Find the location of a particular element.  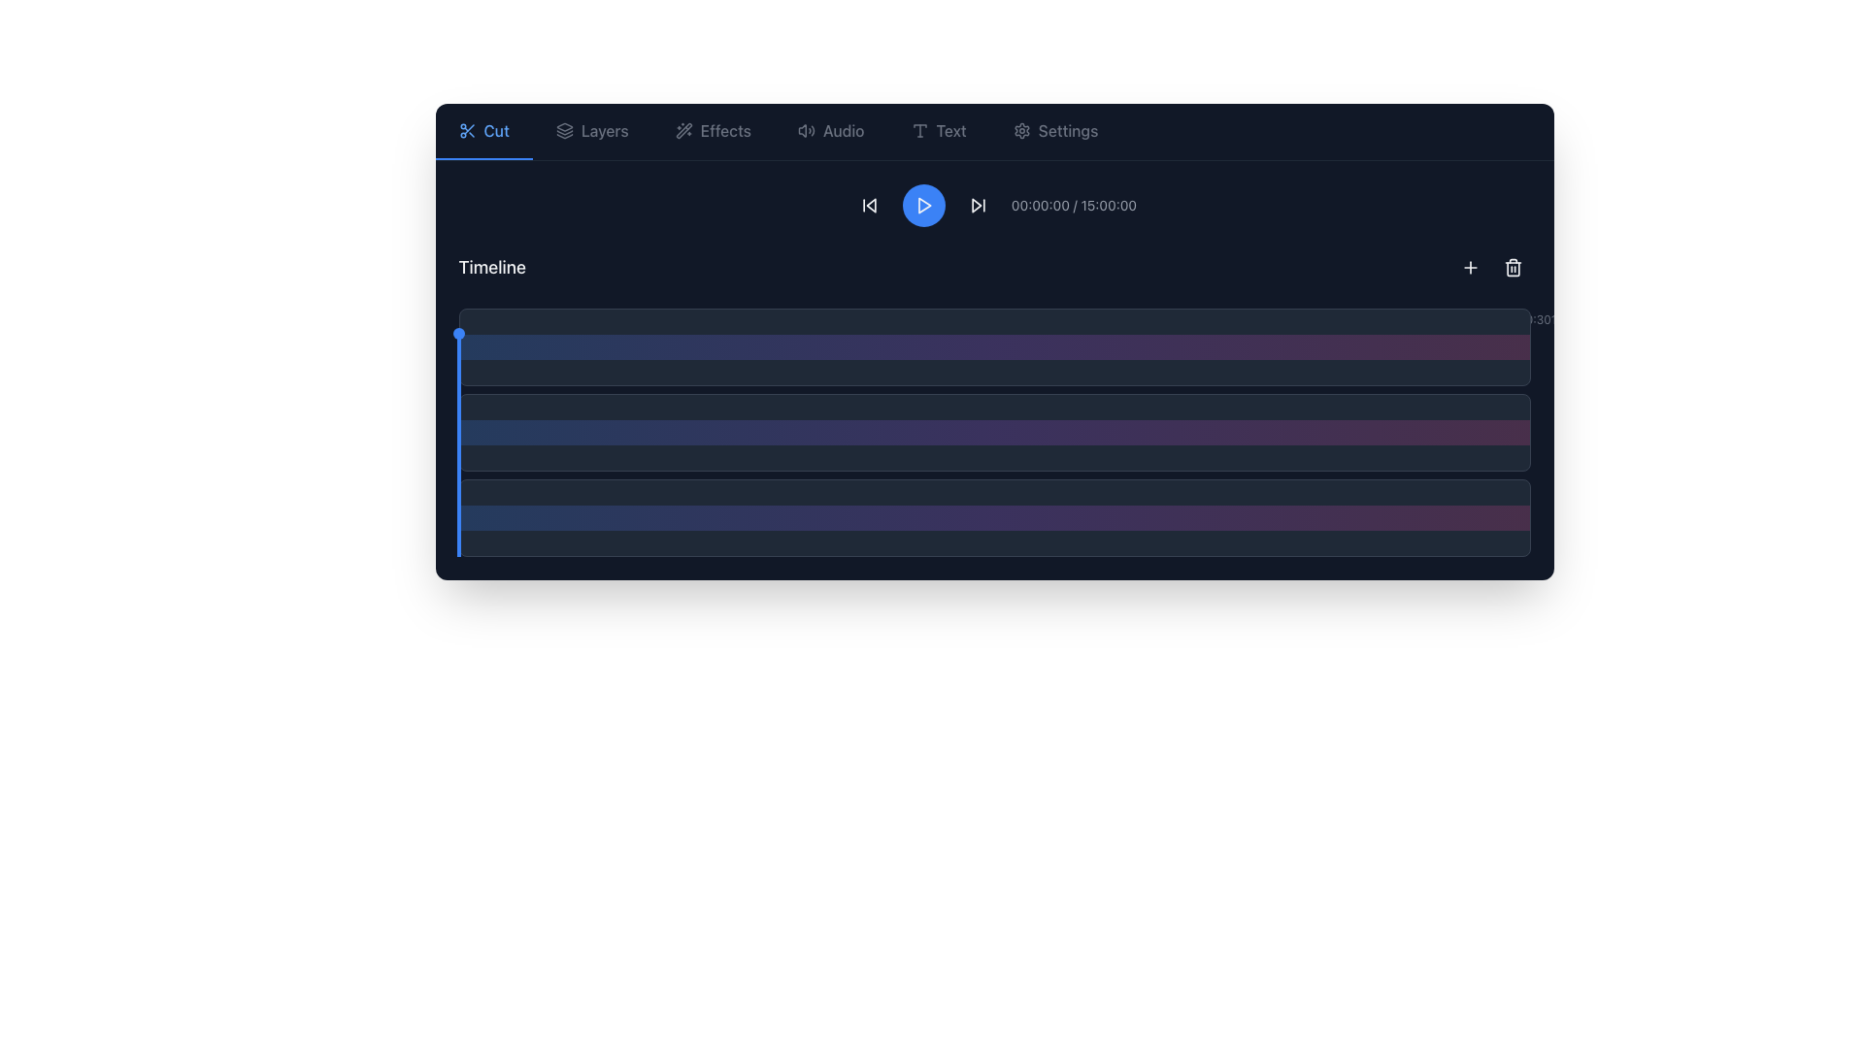

the 'Cut' button located in the top-left corner of the horizontal navigation menu is located at coordinates (483, 131).